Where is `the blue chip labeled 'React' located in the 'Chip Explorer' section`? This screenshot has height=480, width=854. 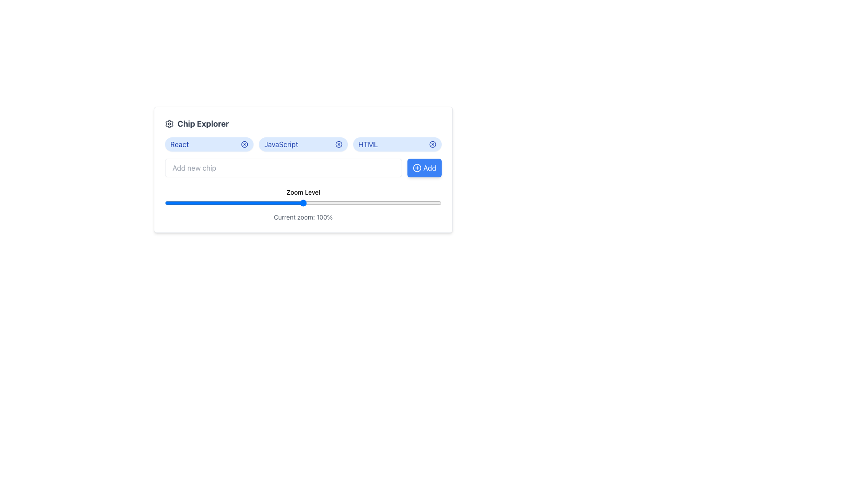 the blue chip labeled 'React' located in the 'Chip Explorer' section is located at coordinates (209, 144).